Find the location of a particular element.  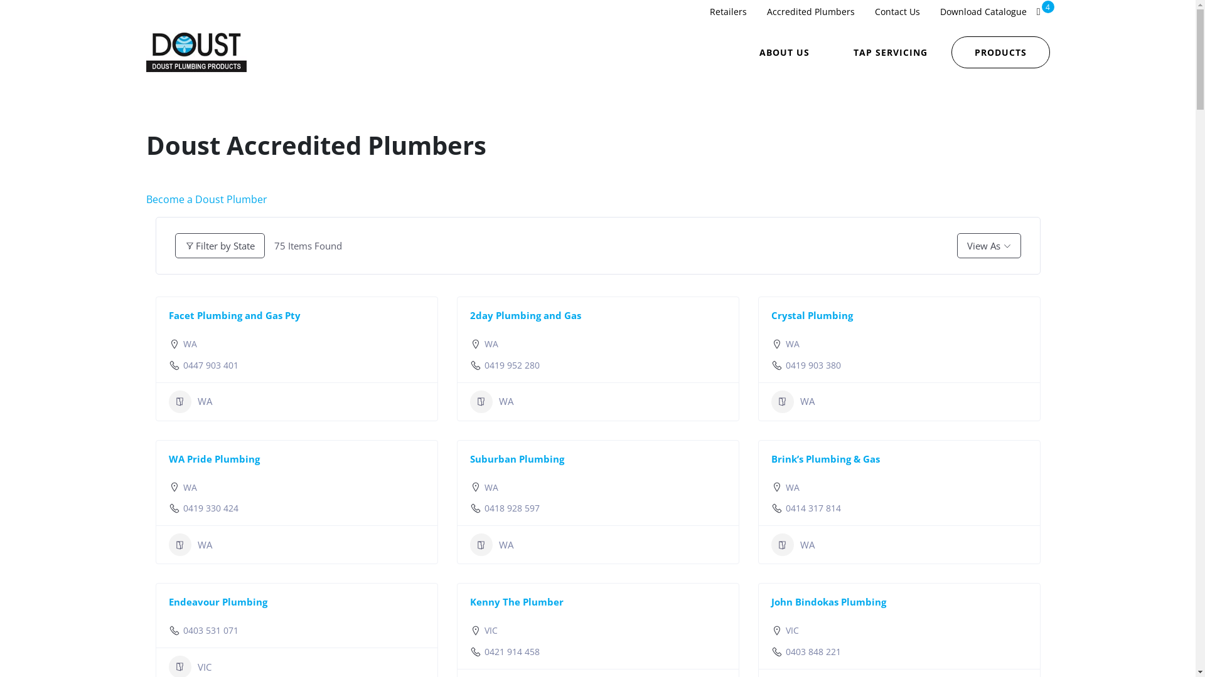

'Kenny The Plumber' is located at coordinates (516, 601).